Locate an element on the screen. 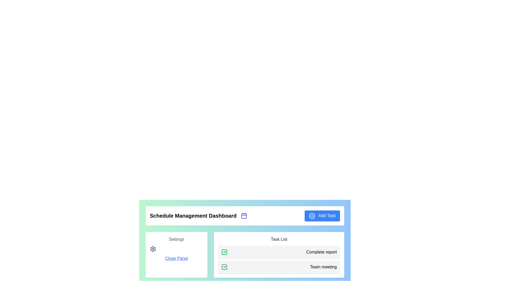 The image size is (510, 287). the SVG Circle that indicates a circular plus symbol within the 'Add Task' button located on the right side of the top section of the interface is located at coordinates (312, 216).